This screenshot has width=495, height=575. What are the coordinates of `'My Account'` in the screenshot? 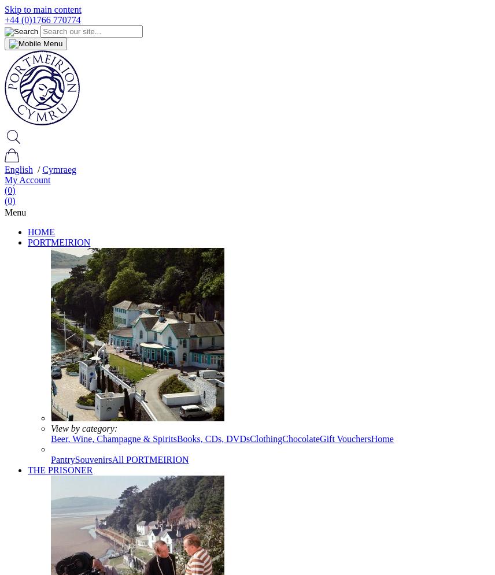 It's located at (27, 180).